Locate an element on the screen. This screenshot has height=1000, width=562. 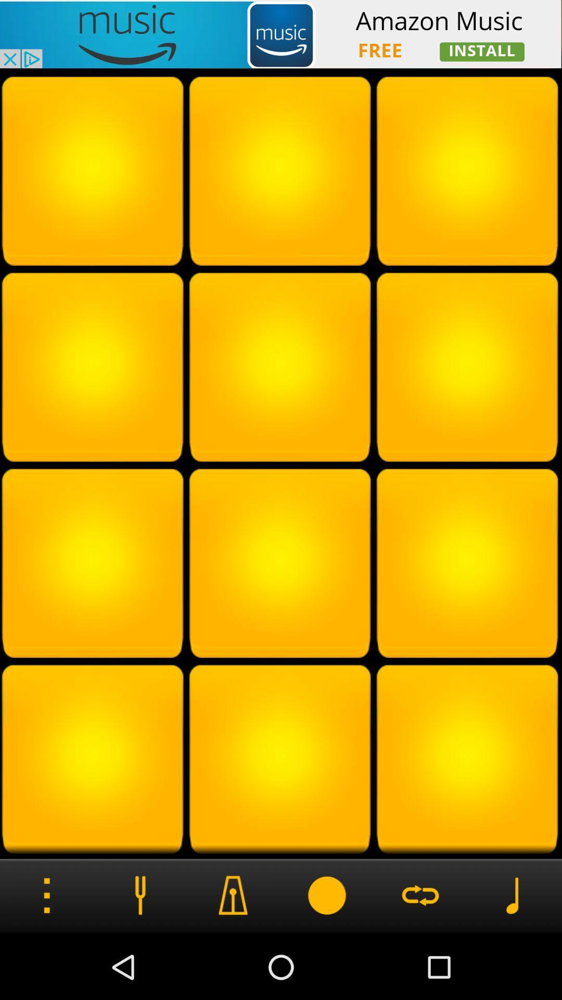
install app is located at coordinates (281, 34).